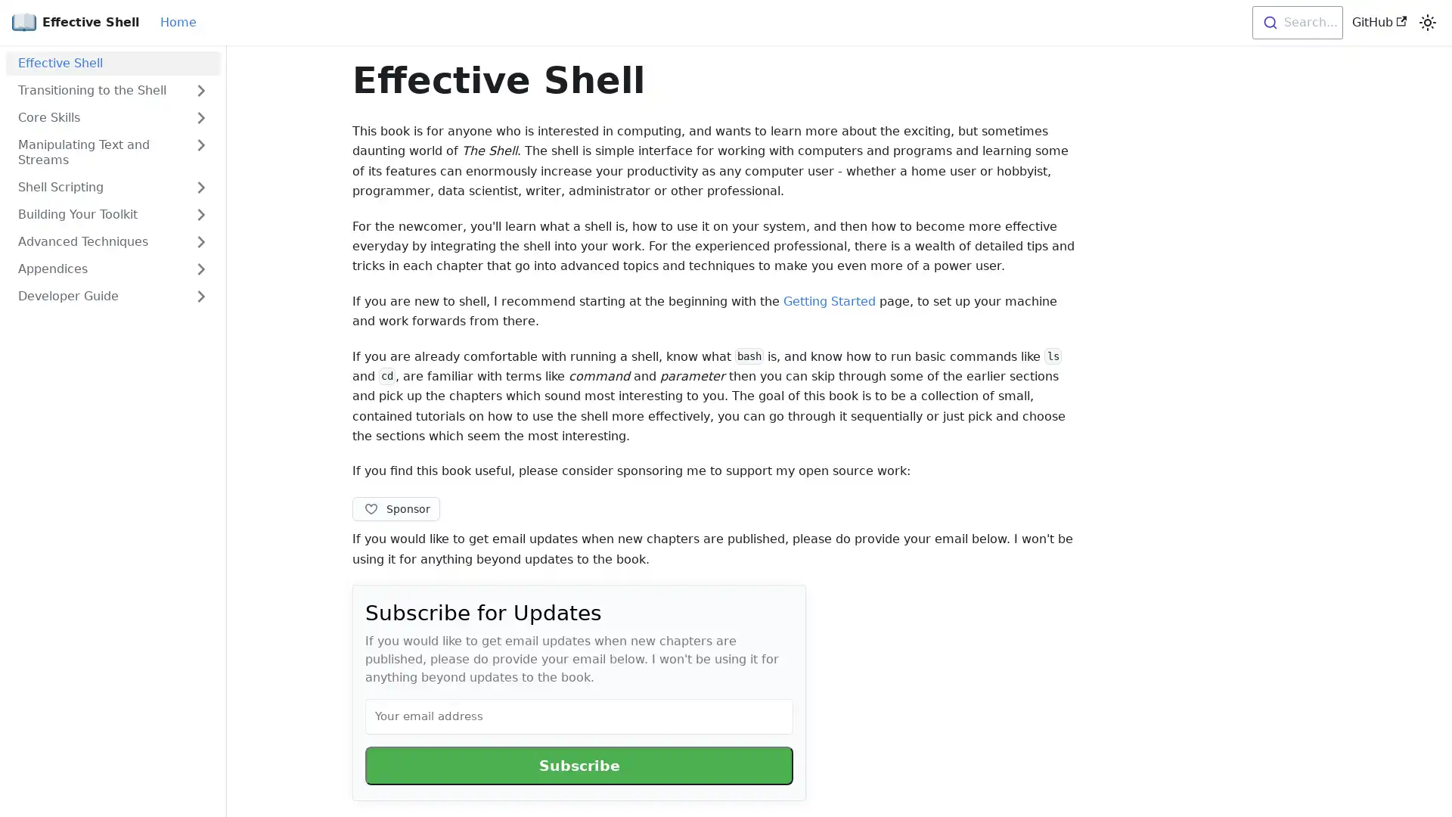  Describe the element at coordinates (200, 116) in the screenshot. I see `Toggle the collapsible sidebar category 'Core Skills'` at that location.